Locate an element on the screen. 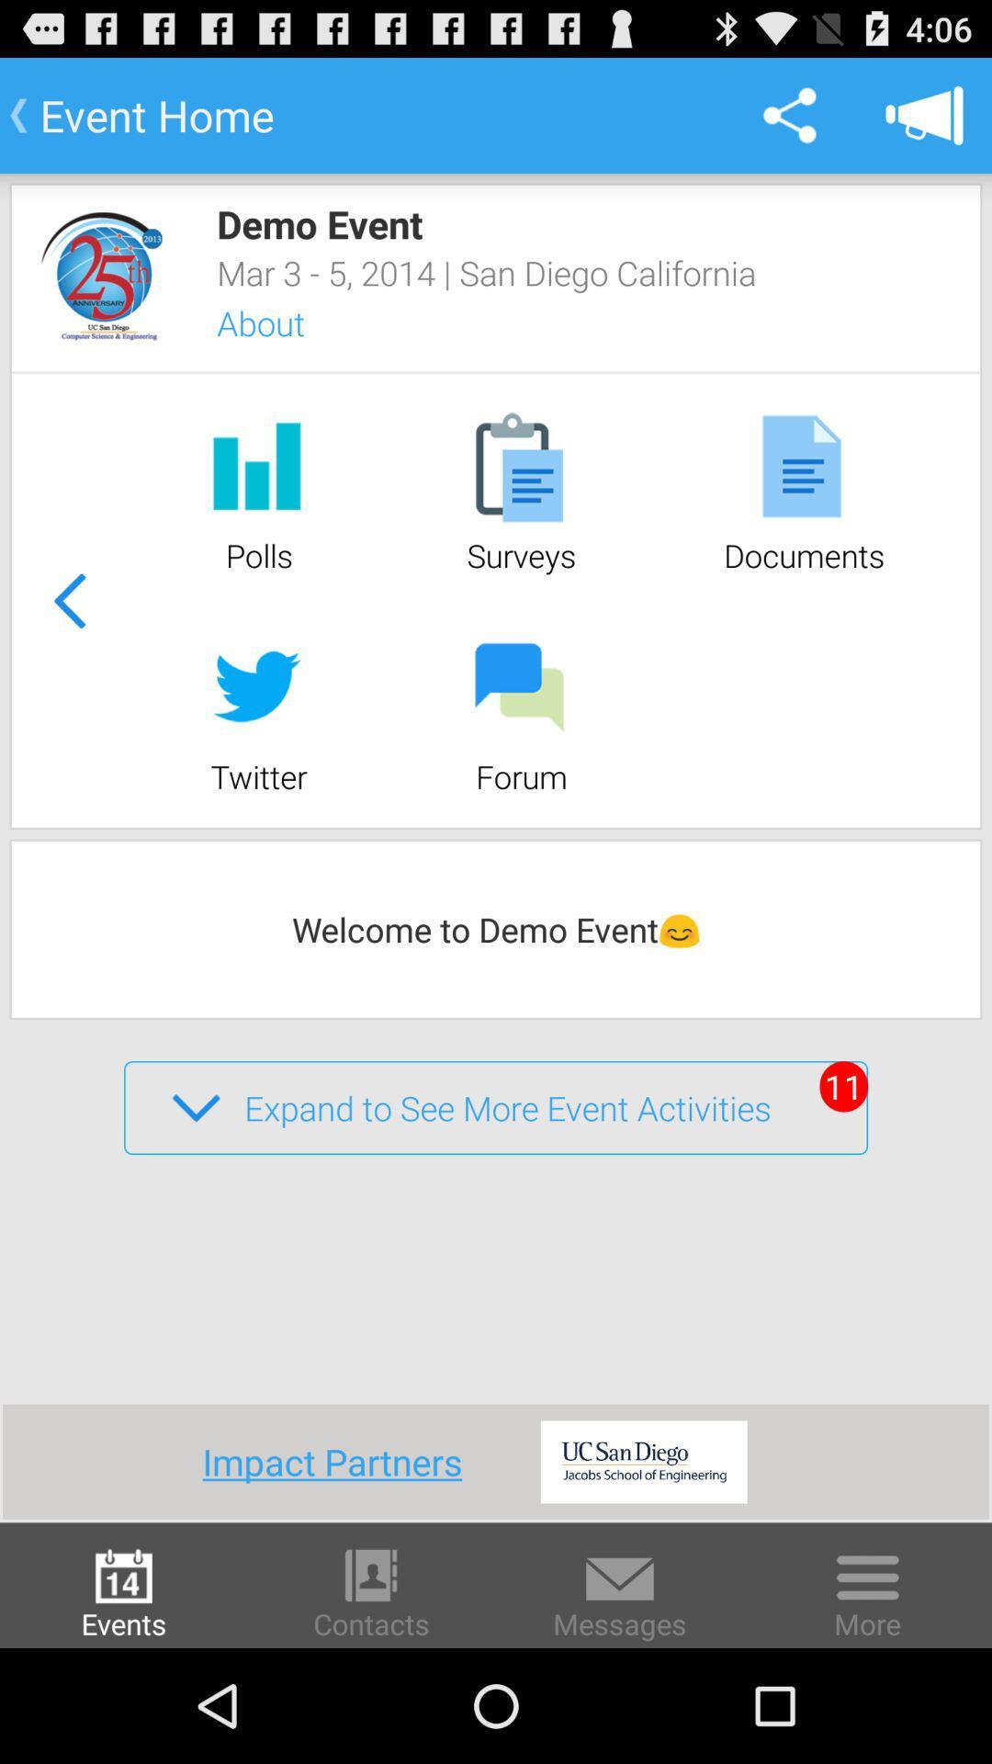  event/company image link is located at coordinates (102, 275).